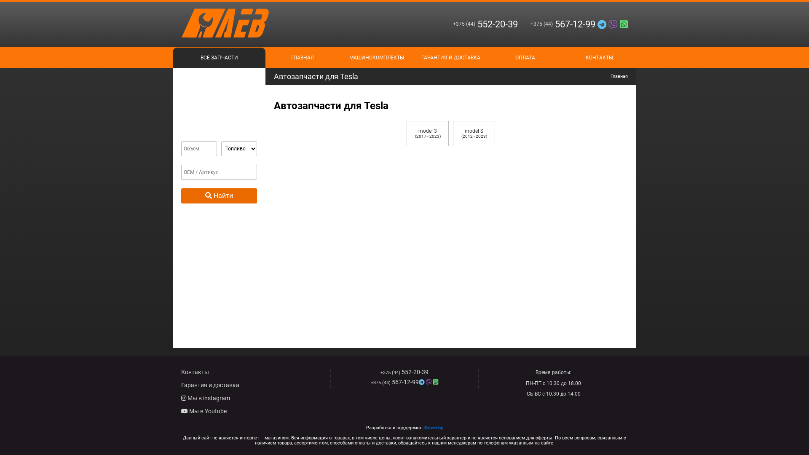 This screenshot has height=455, width=809. What do you see at coordinates (573, 24) in the screenshot?
I see `'+375 (44)` at bounding box center [573, 24].